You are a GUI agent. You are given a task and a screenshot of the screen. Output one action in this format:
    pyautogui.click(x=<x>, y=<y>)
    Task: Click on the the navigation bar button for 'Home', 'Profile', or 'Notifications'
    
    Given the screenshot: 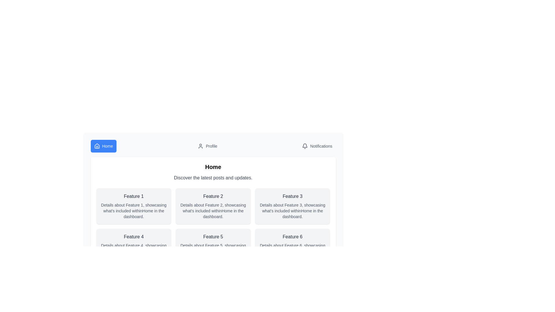 What is the action you would take?
    pyautogui.click(x=213, y=146)
    